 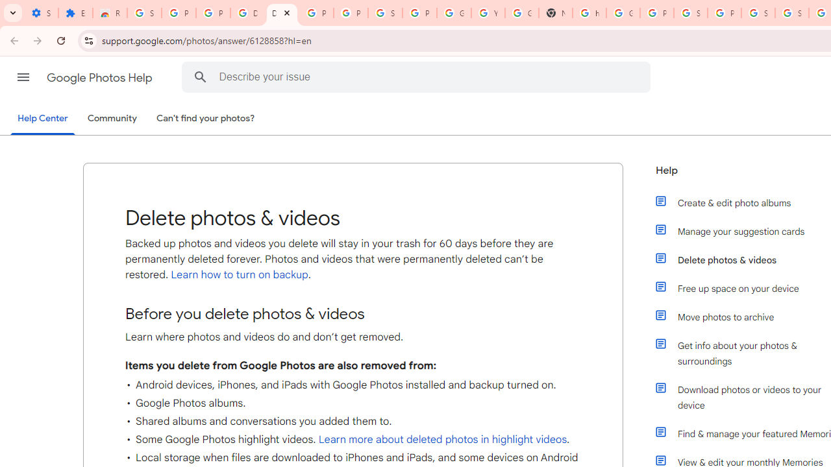 What do you see at coordinates (112, 119) in the screenshot?
I see `'Community'` at bounding box center [112, 119].